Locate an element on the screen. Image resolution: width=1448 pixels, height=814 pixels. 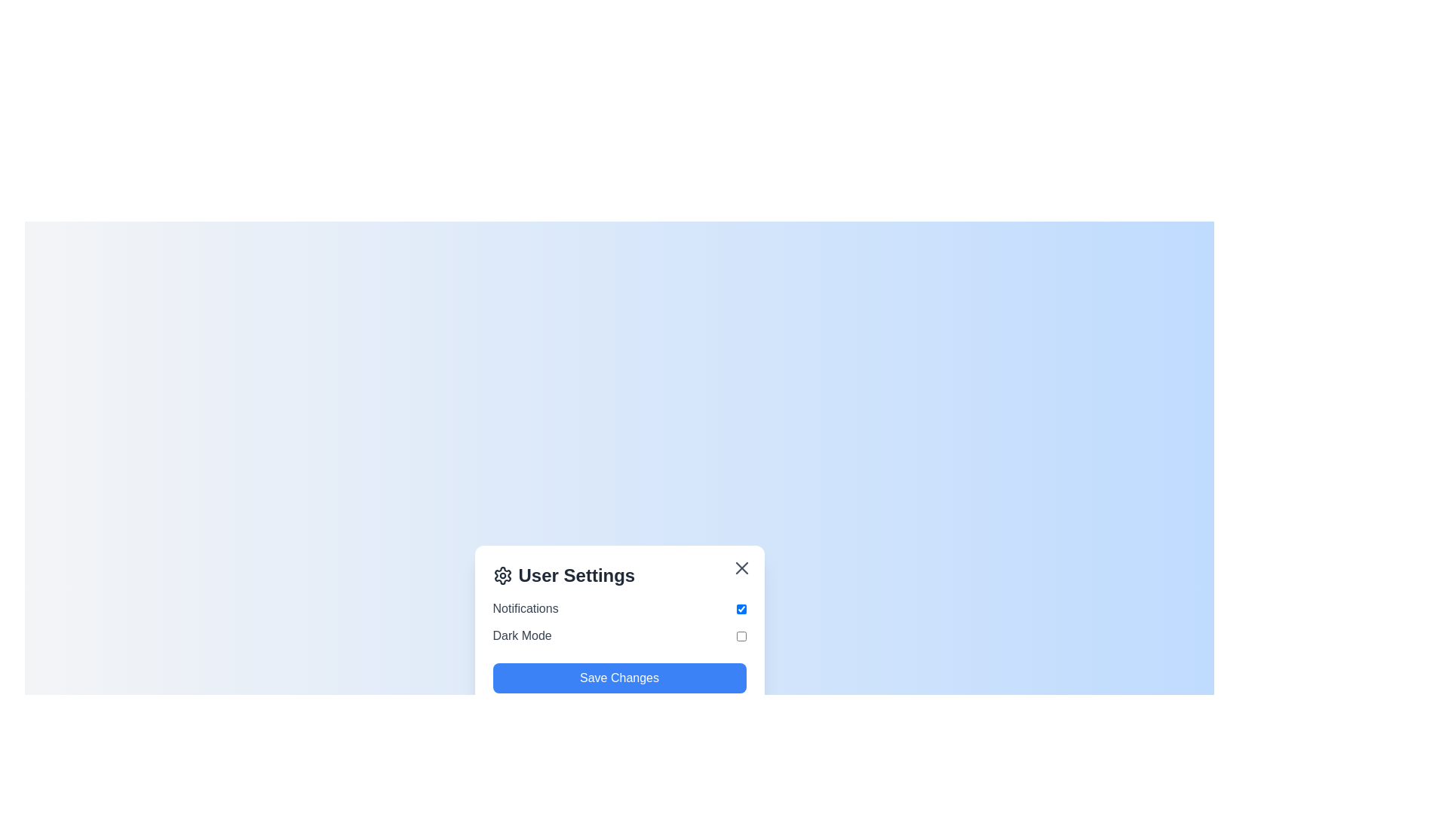
the background outside the dialog to dismiss it is located at coordinates (75, 75).